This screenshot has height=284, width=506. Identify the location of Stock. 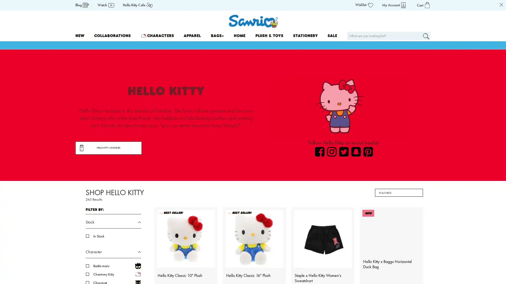
(113, 224).